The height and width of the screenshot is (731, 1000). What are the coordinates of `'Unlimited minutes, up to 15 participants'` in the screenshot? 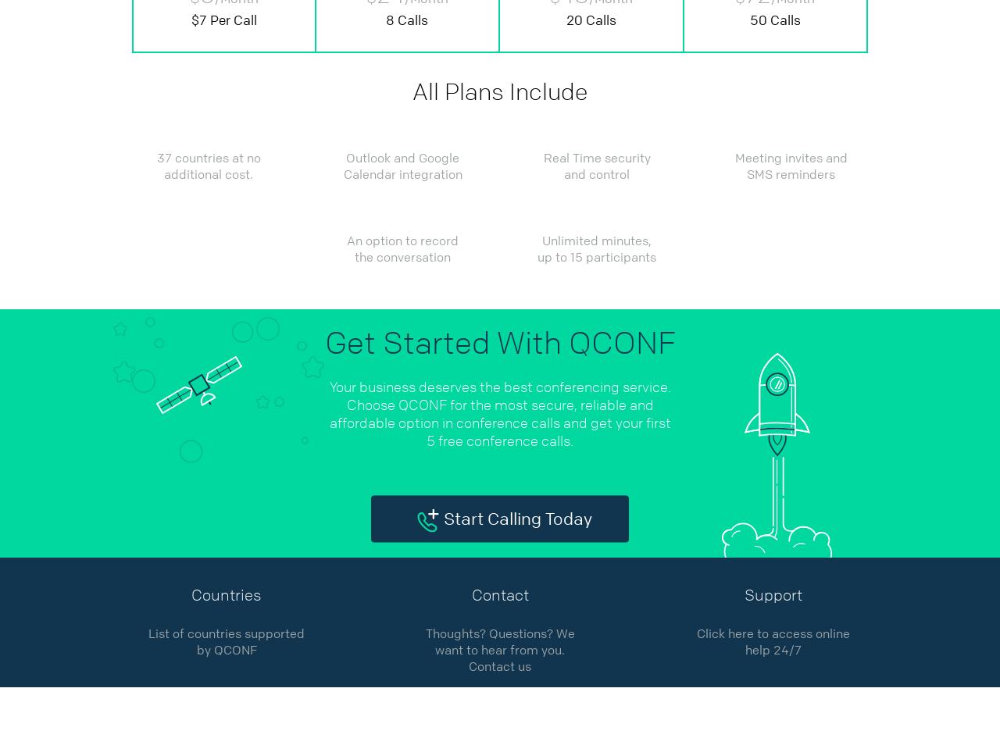 It's located at (537, 248).